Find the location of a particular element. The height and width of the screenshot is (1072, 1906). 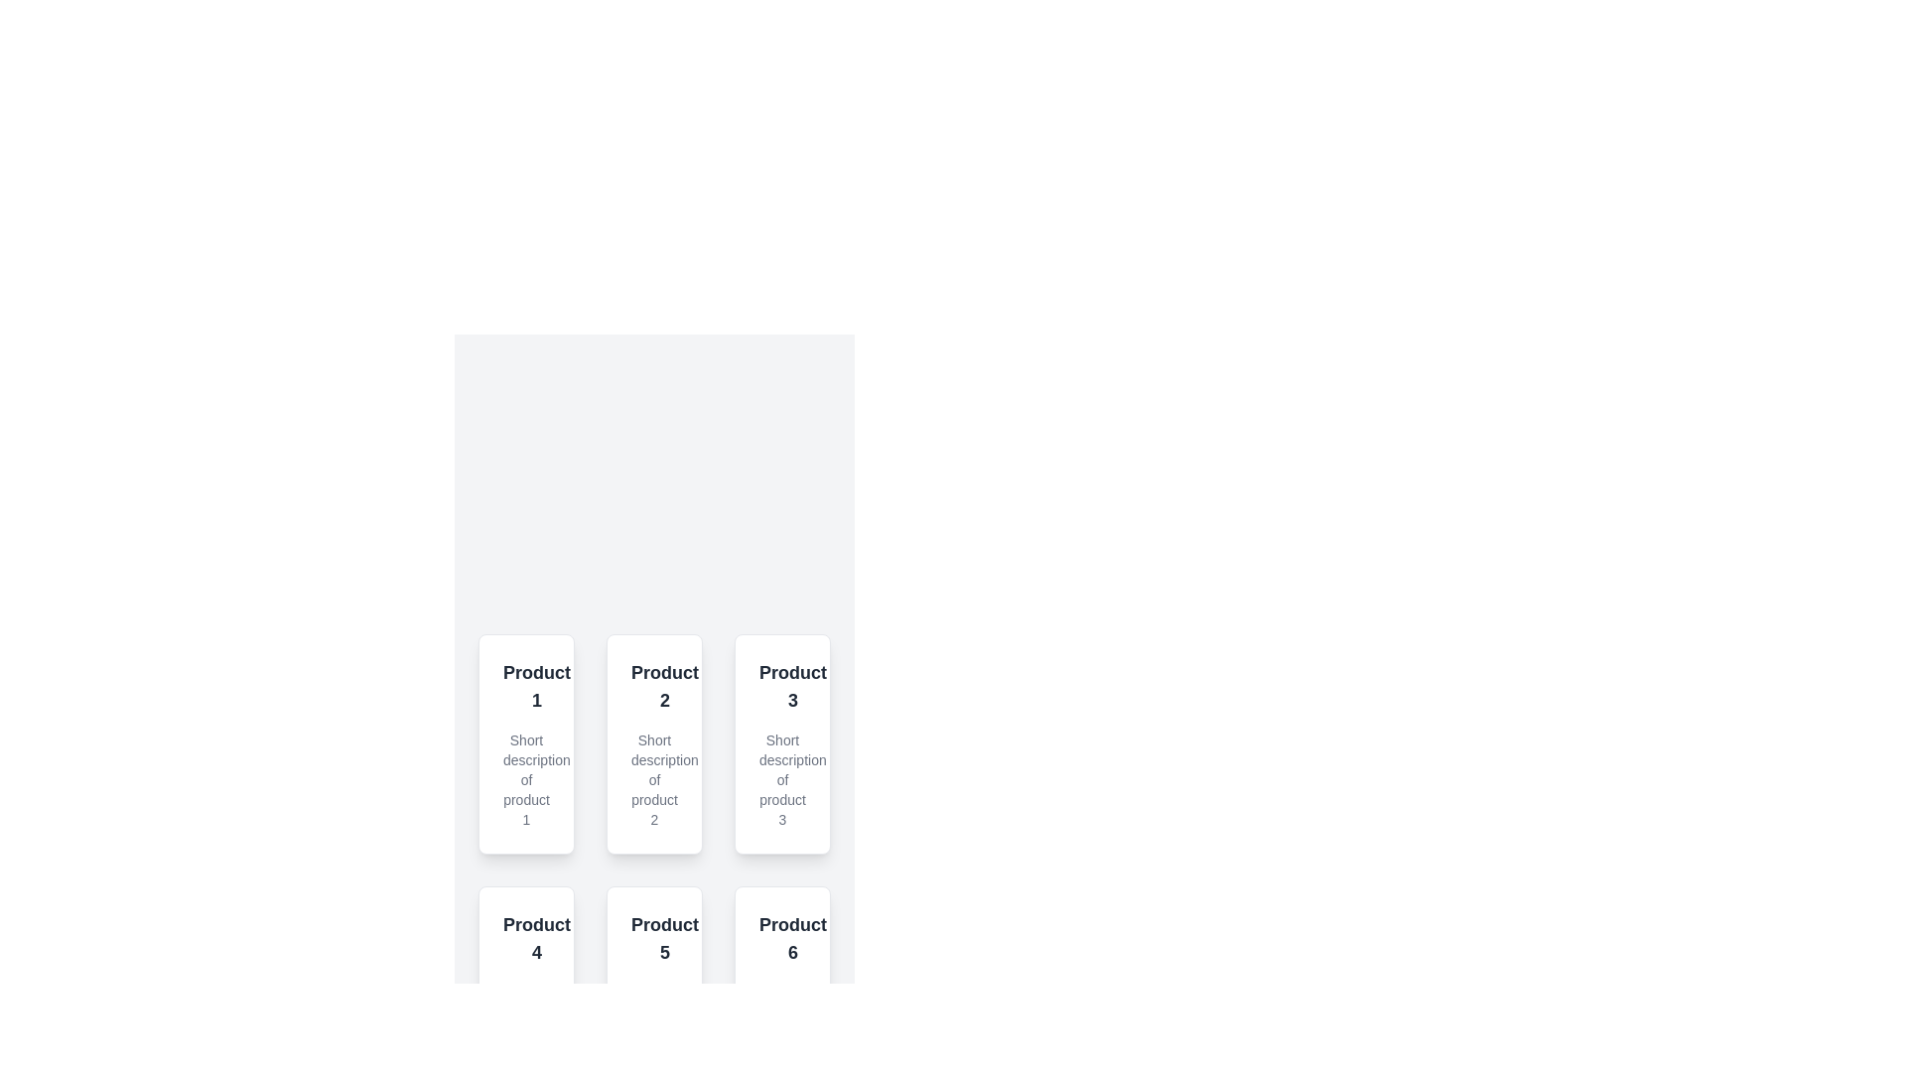

the 'Product 1' informational card located in the top-left corner of the grid is located at coordinates (526, 743).